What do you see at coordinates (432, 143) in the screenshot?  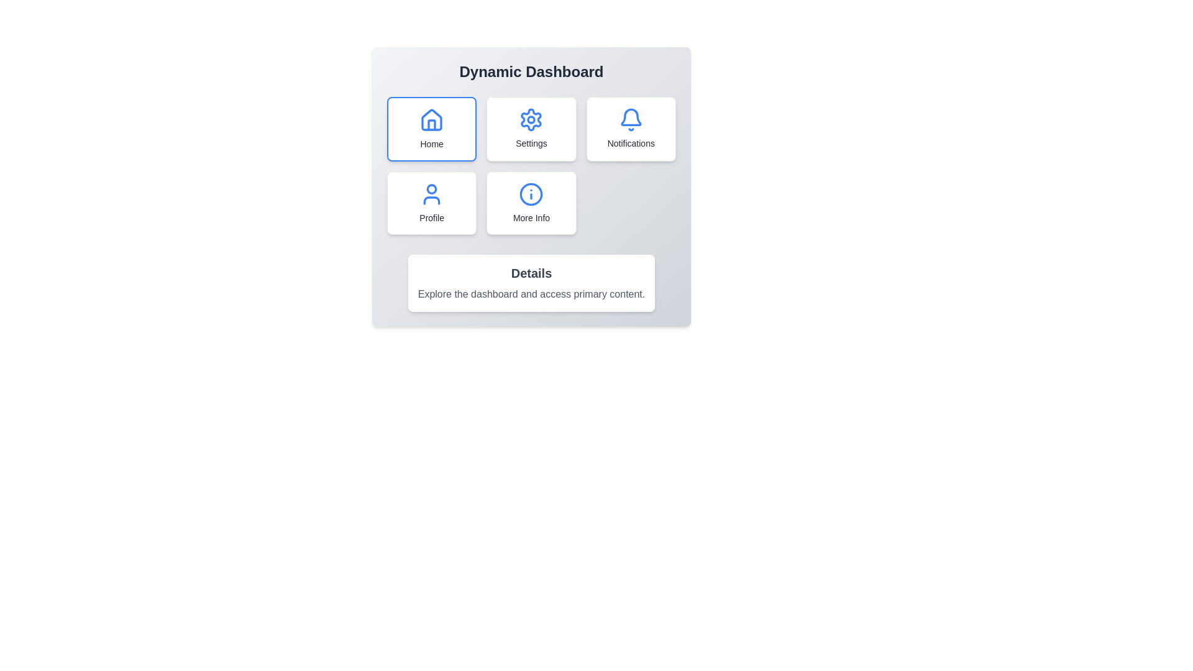 I see `text of the bold 'Home' label that is positioned beneath the icon in the first card of the grid layout` at bounding box center [432, 143].